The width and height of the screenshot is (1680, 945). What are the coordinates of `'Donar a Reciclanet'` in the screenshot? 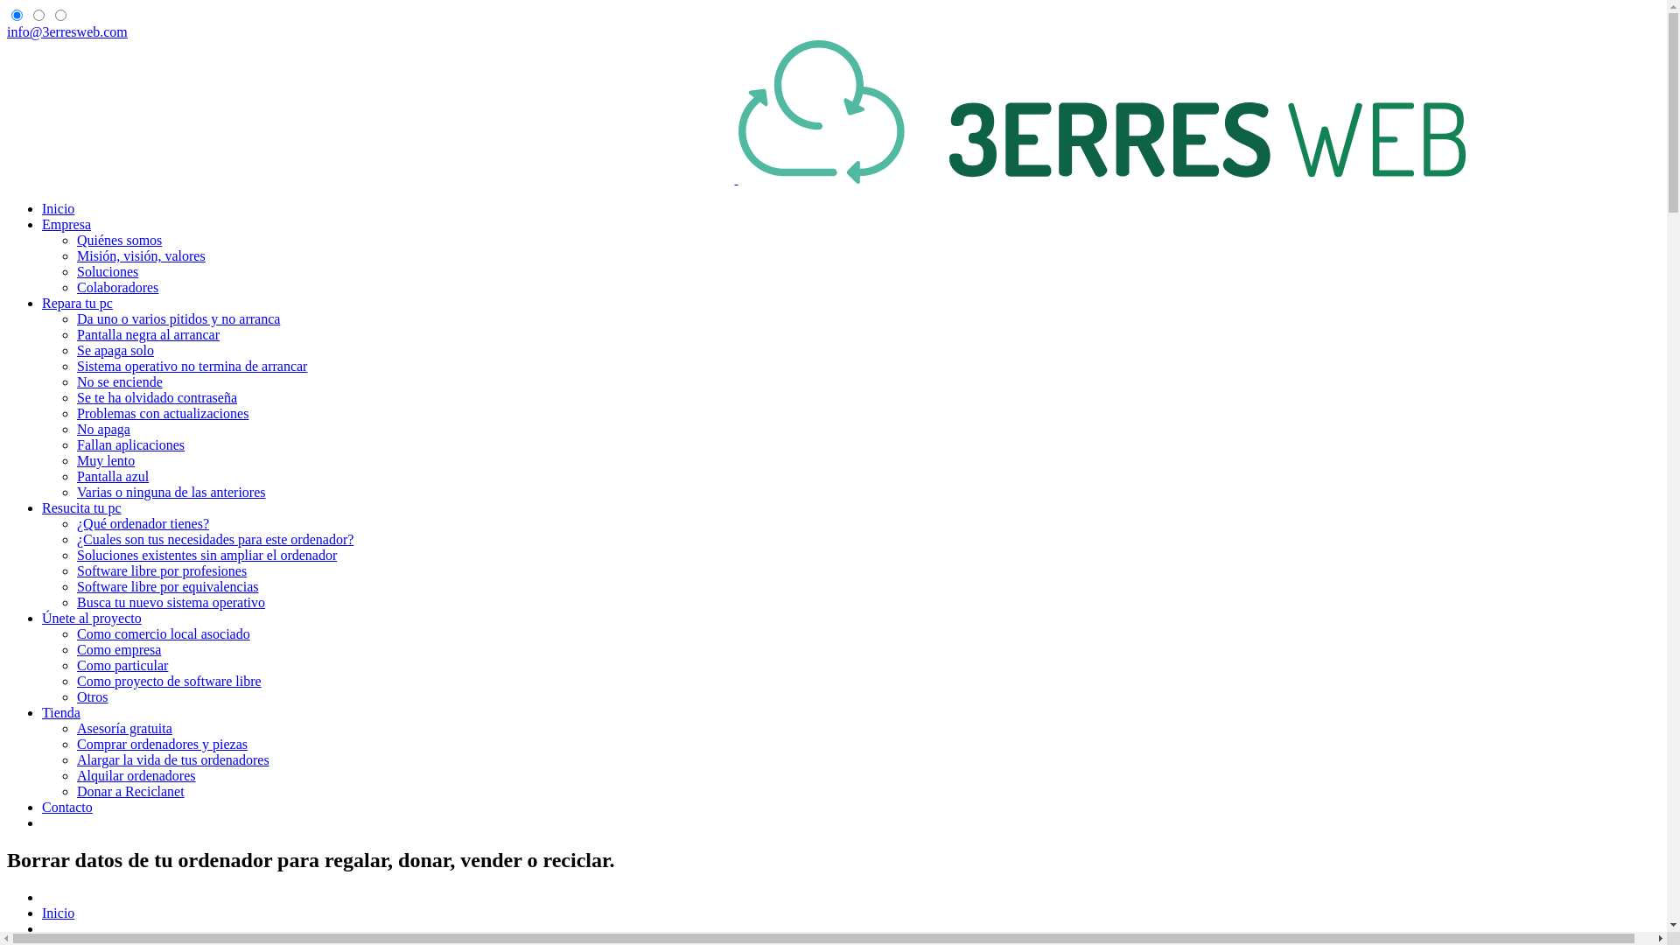 It's located at (129, 791).